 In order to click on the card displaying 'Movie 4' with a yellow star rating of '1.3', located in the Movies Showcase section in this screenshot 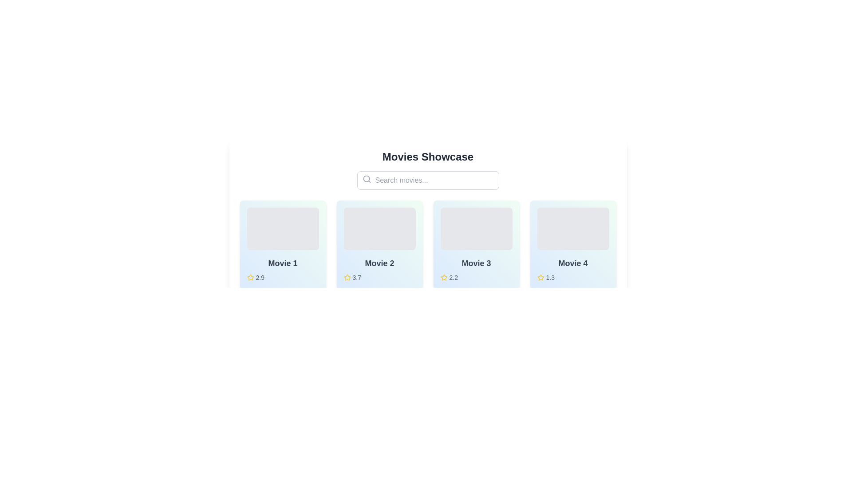, I will do `click(573, 244)`.